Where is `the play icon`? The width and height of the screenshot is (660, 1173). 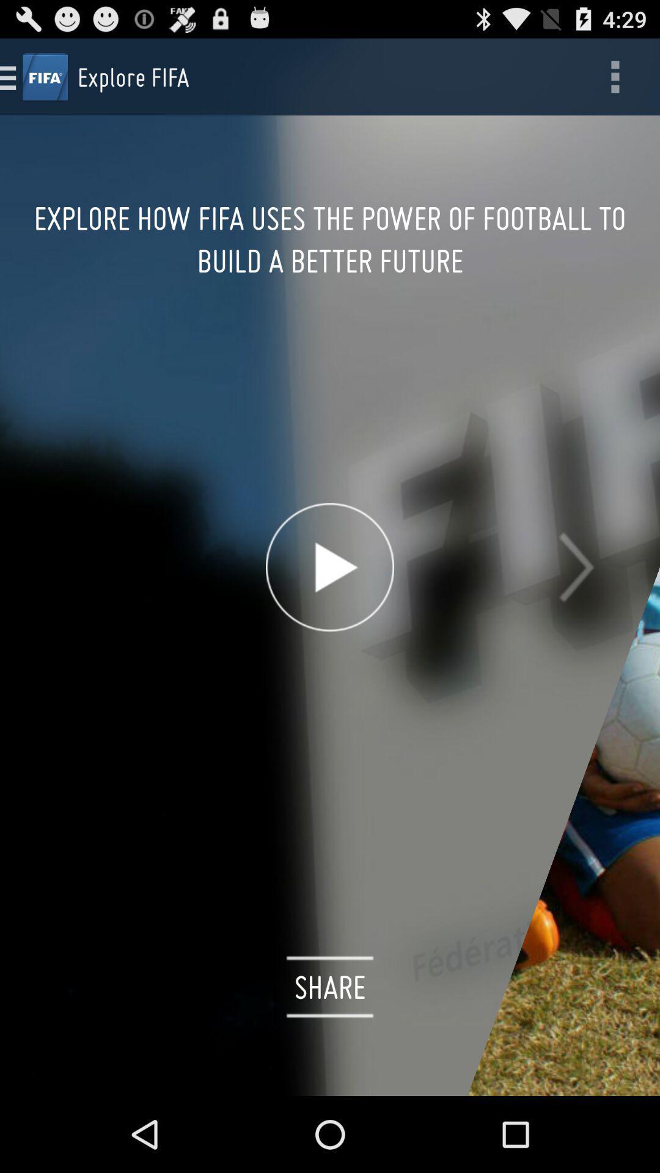
the play icon is located at coordinates (330, 607).